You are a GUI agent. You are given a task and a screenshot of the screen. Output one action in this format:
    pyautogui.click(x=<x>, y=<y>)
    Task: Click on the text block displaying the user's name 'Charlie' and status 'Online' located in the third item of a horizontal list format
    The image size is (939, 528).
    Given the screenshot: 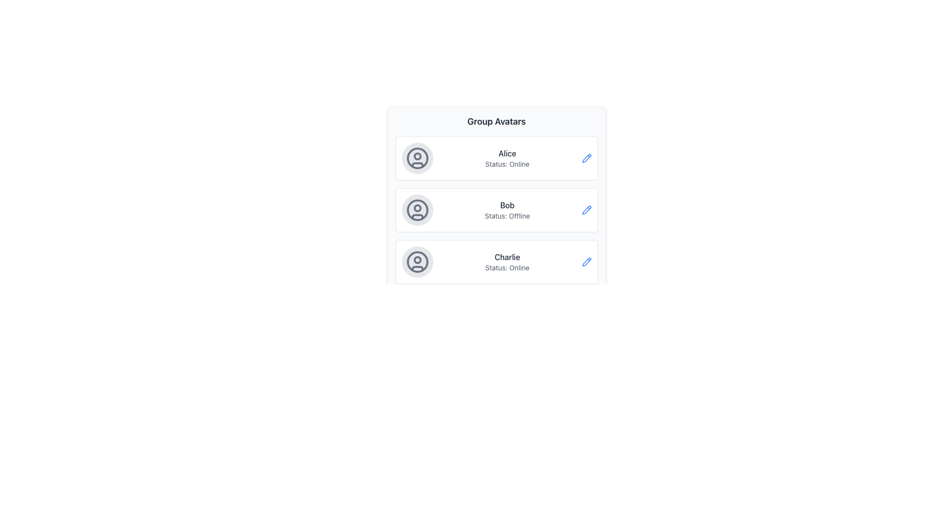 What is the action you would take?
    pyautogui.click(x=507, y=262)
    